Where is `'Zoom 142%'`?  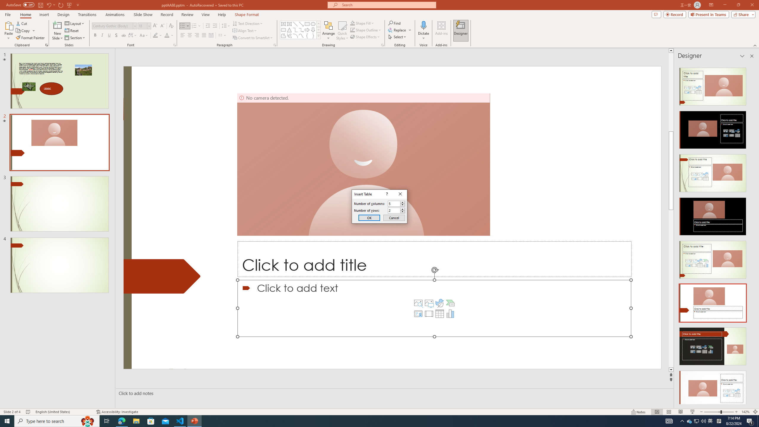 'Zoom 142%' is located at coordinates (746, 412).